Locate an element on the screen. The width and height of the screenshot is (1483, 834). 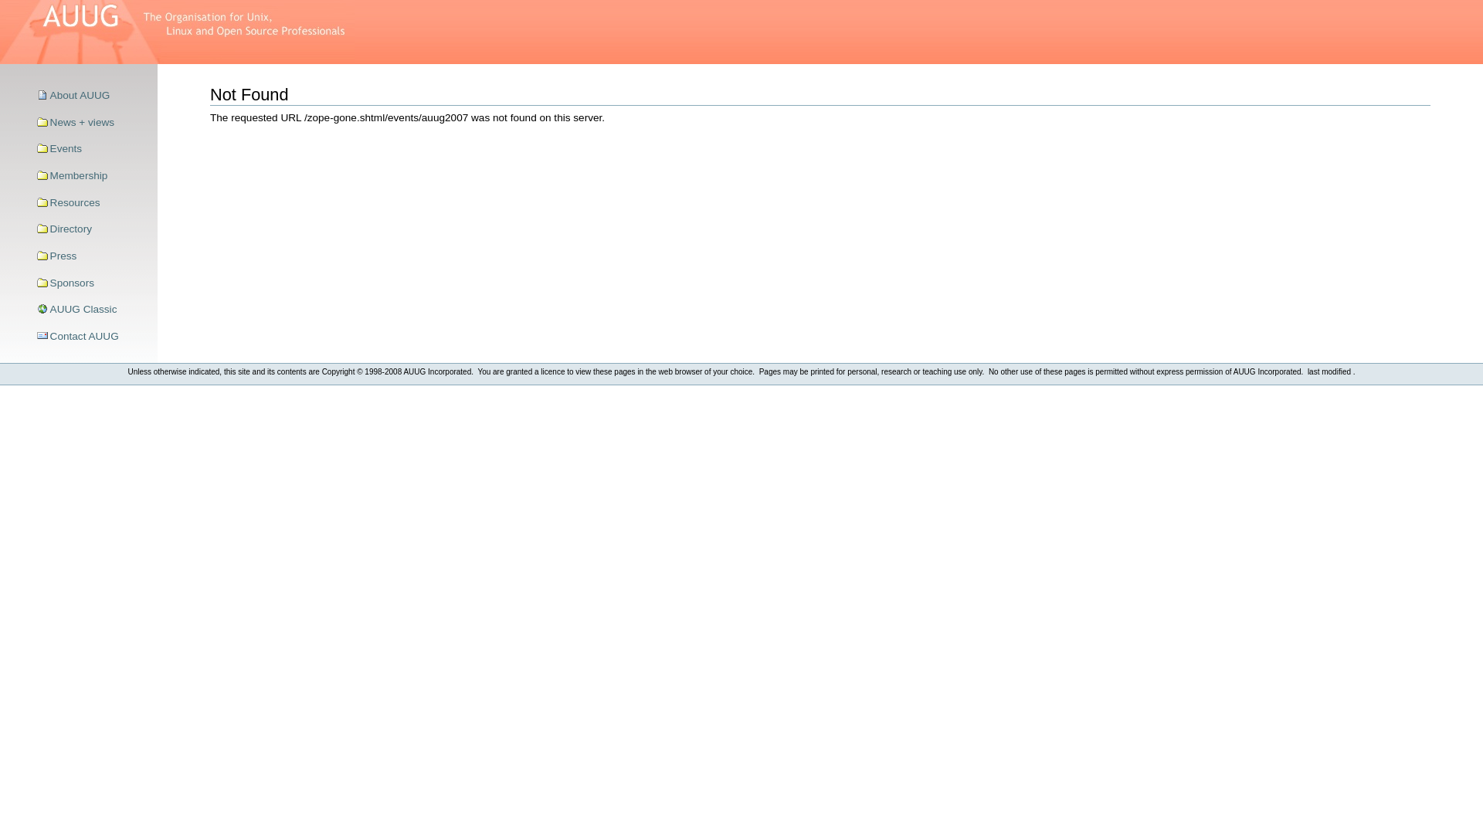
'AUUG Classic' is located at coordinates (91, 310).